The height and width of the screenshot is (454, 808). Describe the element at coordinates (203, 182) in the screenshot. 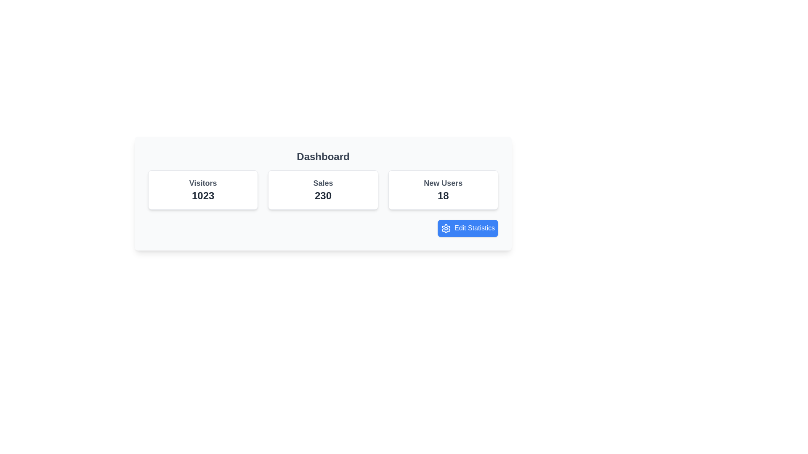

I see `the static text label that describes the number of visitors, which is positioned above the numerical value '1023' in the card-like UI block` at that location.